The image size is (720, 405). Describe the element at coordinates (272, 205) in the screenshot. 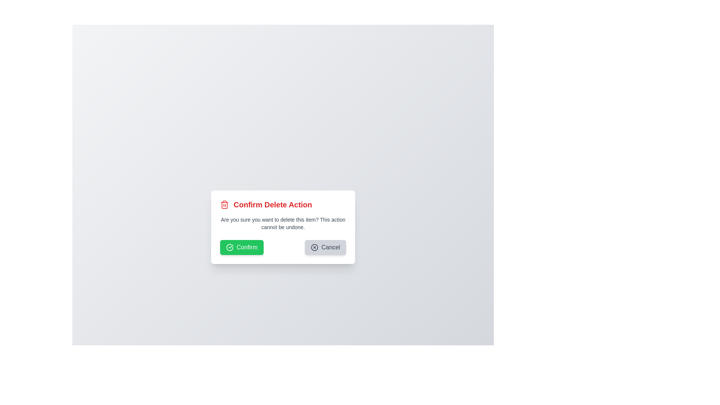

I see `text label displaying 'Confirm Delete Action' in bold red font to understand the warning about deletion` at that location.